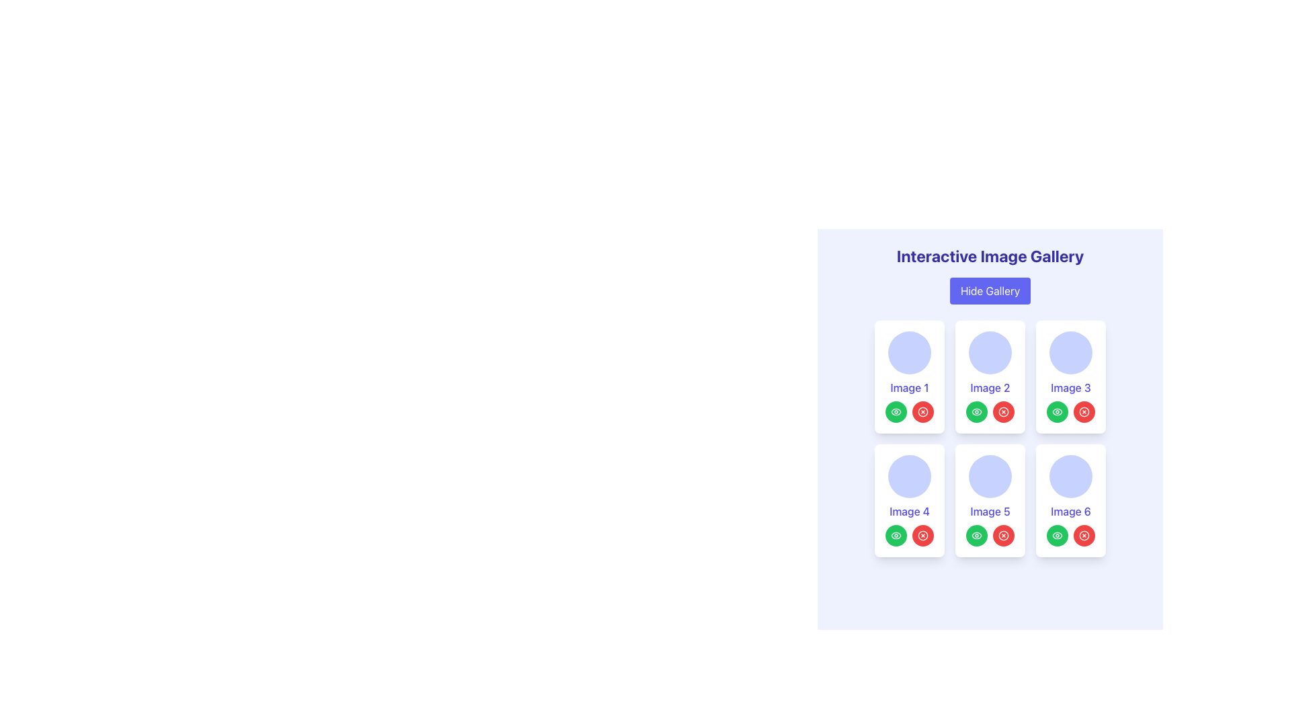 This screenshot has height=726, width=1290. Describe the element at coordinates (1003, 535) in the screenshot. I see `the delete or close button located in the bottom row of the grid layout, positioned to the right side of a green button beneath the fifth image thumbnail` at that location.